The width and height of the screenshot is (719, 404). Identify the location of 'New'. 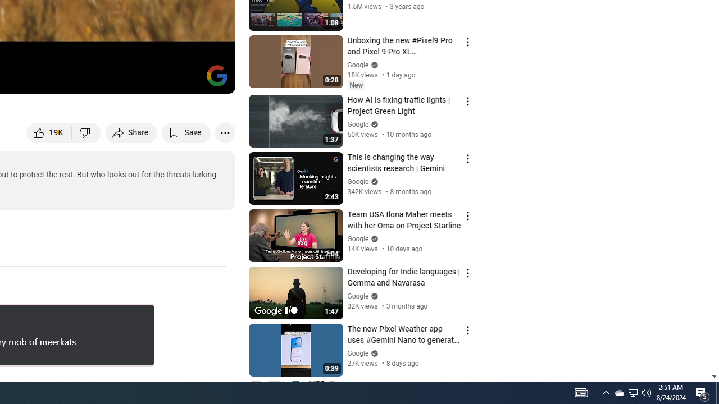
(356, 85).